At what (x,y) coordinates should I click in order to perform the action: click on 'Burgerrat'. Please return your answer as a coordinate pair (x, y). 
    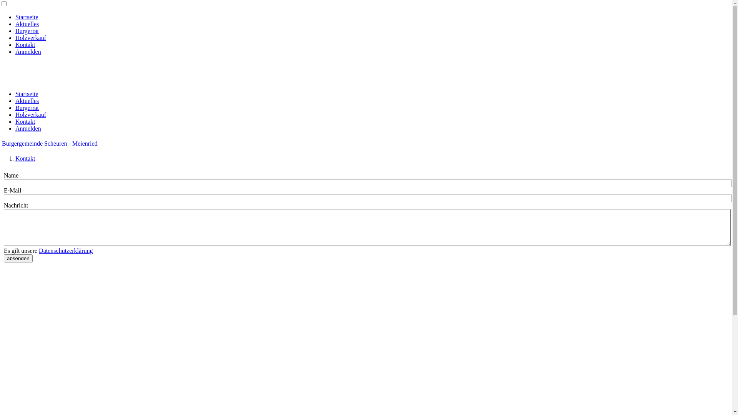
    Looking at the image, I should click on (27, 108).